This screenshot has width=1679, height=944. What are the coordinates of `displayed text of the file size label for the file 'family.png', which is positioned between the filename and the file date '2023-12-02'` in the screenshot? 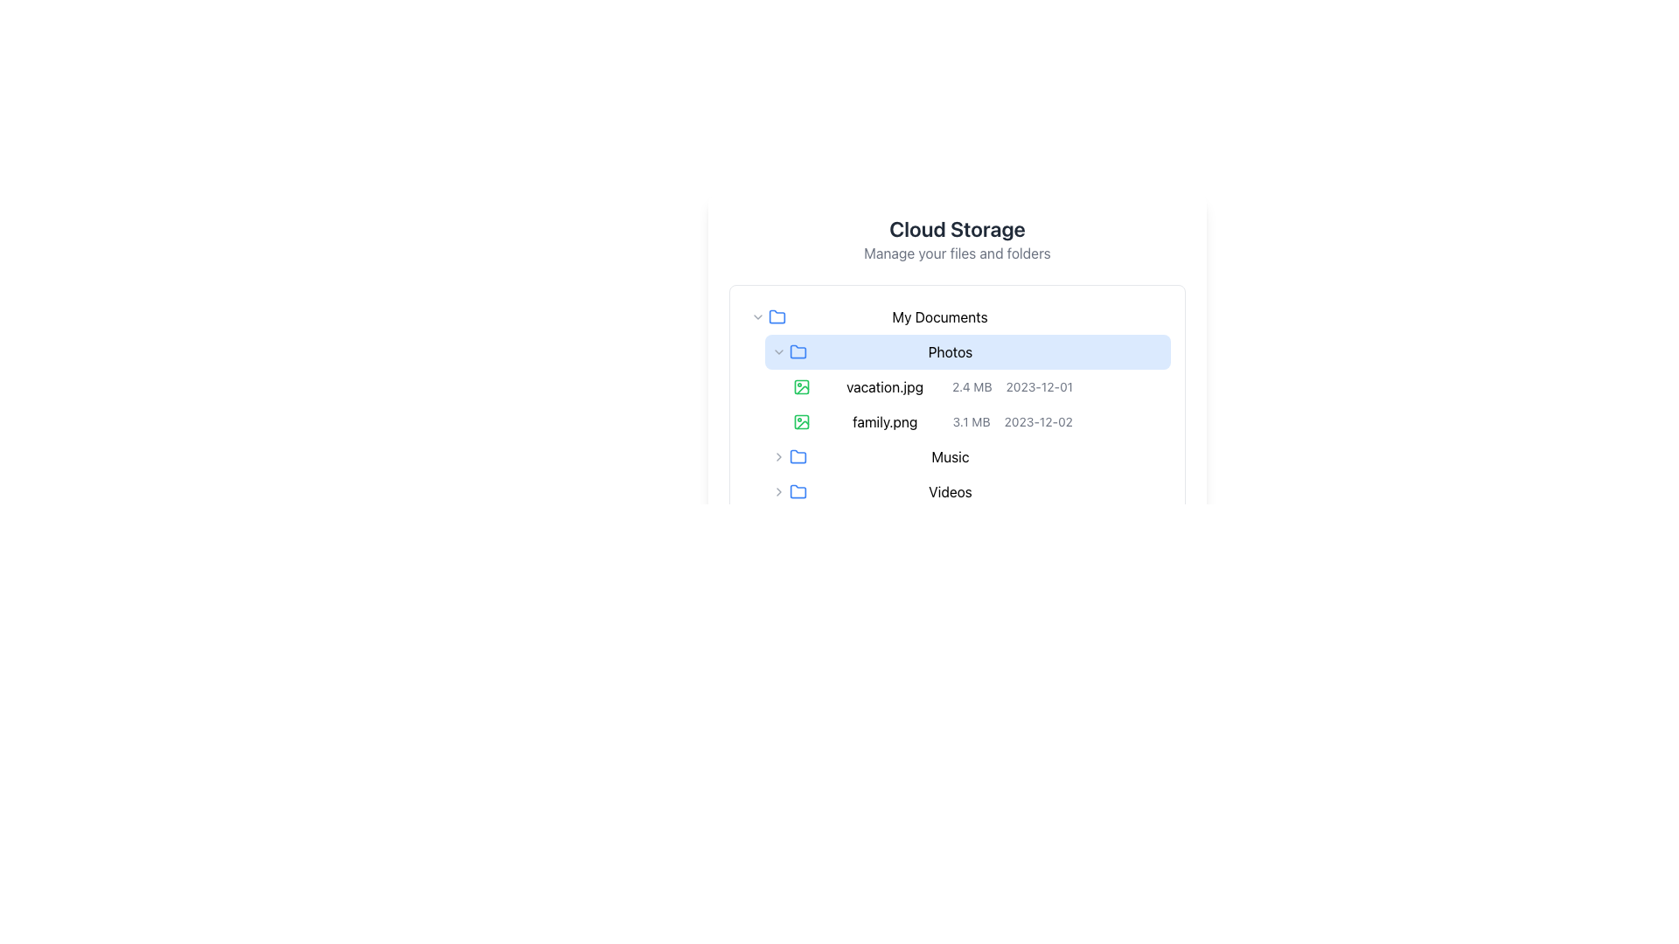 It's located at (971, 421).